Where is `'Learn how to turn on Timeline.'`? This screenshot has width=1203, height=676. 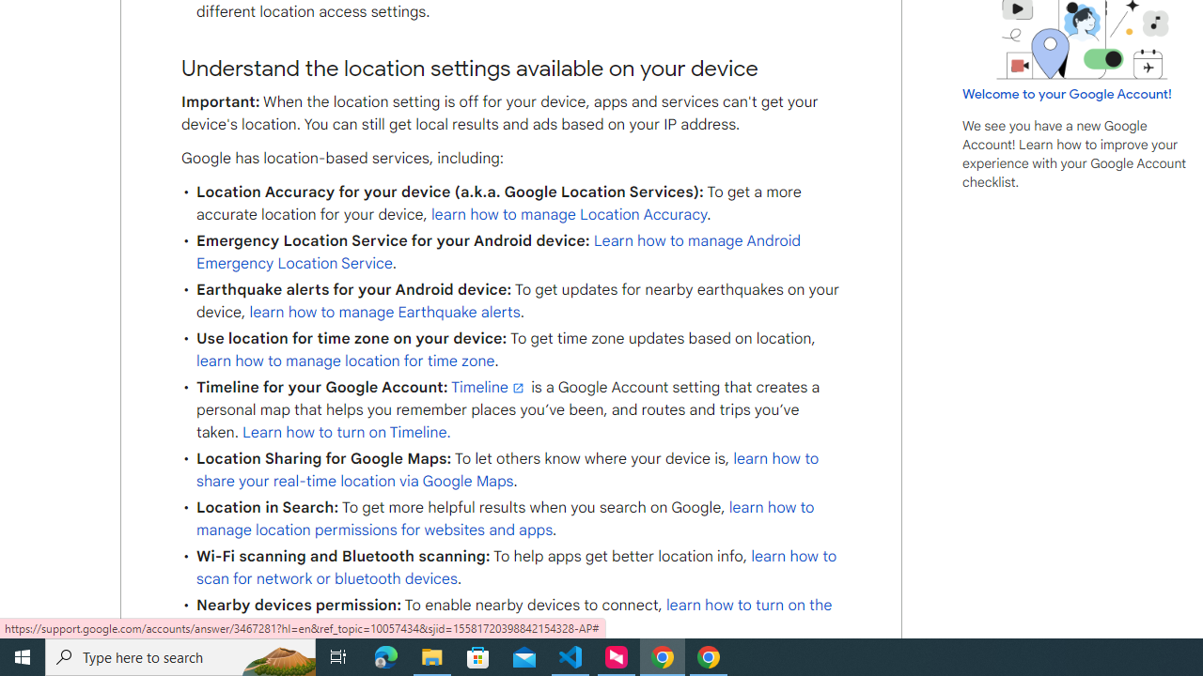 'Learn how to turn on Timeline.' is located at coordinates (347, 432).